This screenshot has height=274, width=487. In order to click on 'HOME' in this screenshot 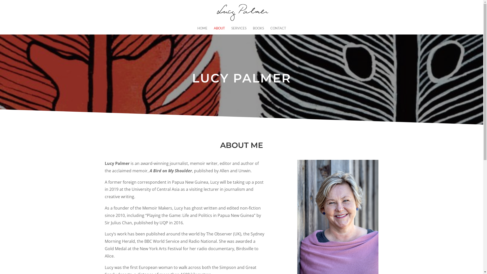, I will do `click(202, 30)`.